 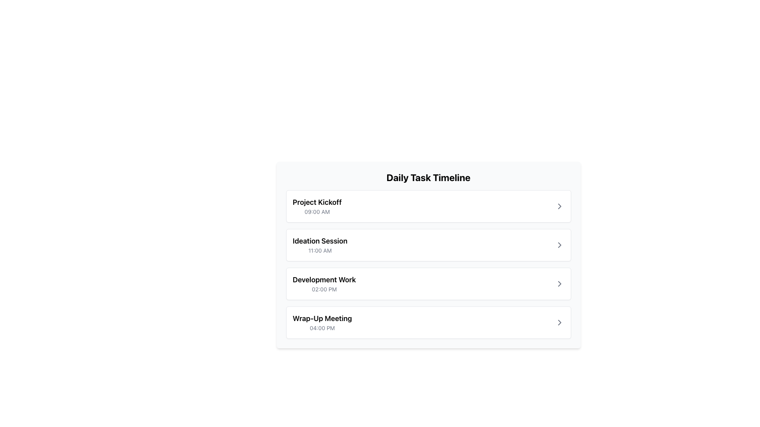 I want to click on the chevron icon located to the right of the '09:00 AM' text in the 'Project Kickoff' timeline item, so click(x=559, y=206).